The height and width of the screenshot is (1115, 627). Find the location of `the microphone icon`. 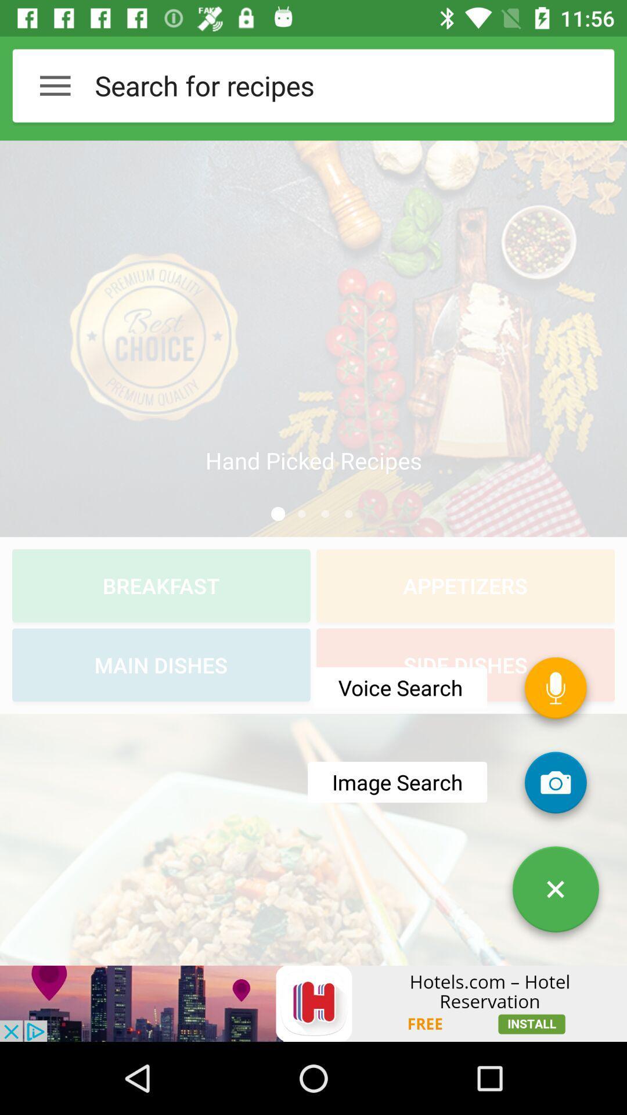

the microphone icon is located at coordinates (555, 692).